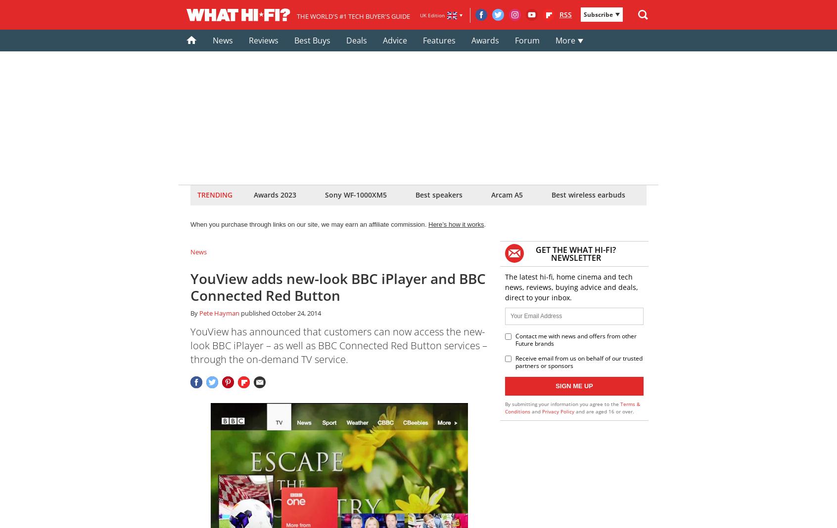  I want to click on 'The latest hi-fi, home cinema and tech news, reviews, buying advice and deals, direct to your inbox.', so click(571, 287).